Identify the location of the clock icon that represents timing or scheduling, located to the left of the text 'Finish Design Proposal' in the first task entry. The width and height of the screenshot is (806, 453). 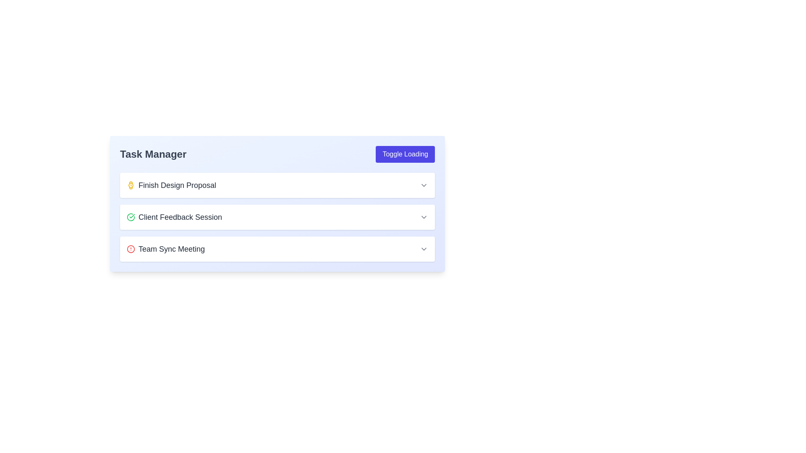
(131, 185).